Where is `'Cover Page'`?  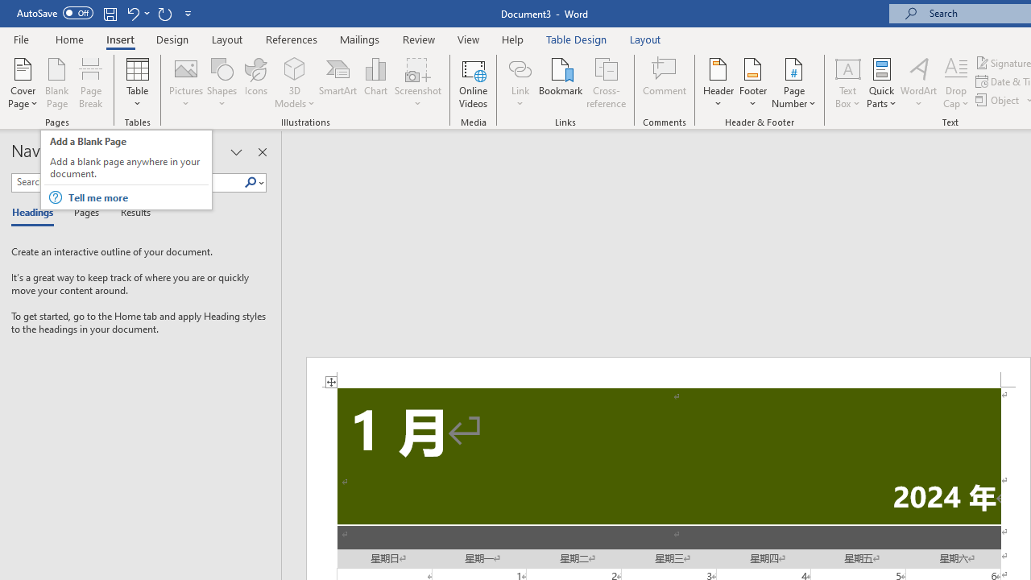
'Cover Page' is located at coordinates (23, 83).